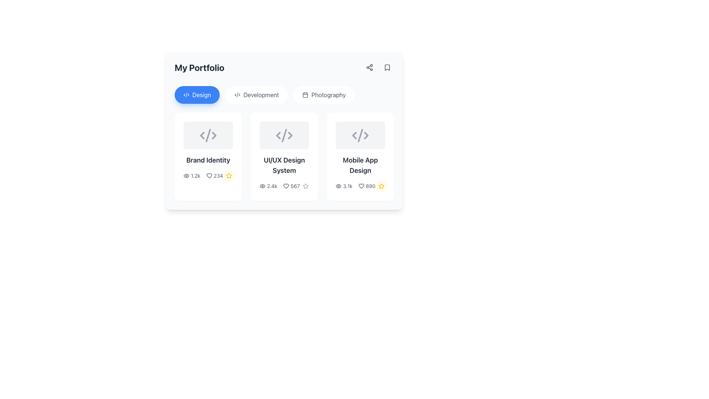  I want to click on the heart icon located in the bottom section of the third portfolio card from the left, so click(361, 186).